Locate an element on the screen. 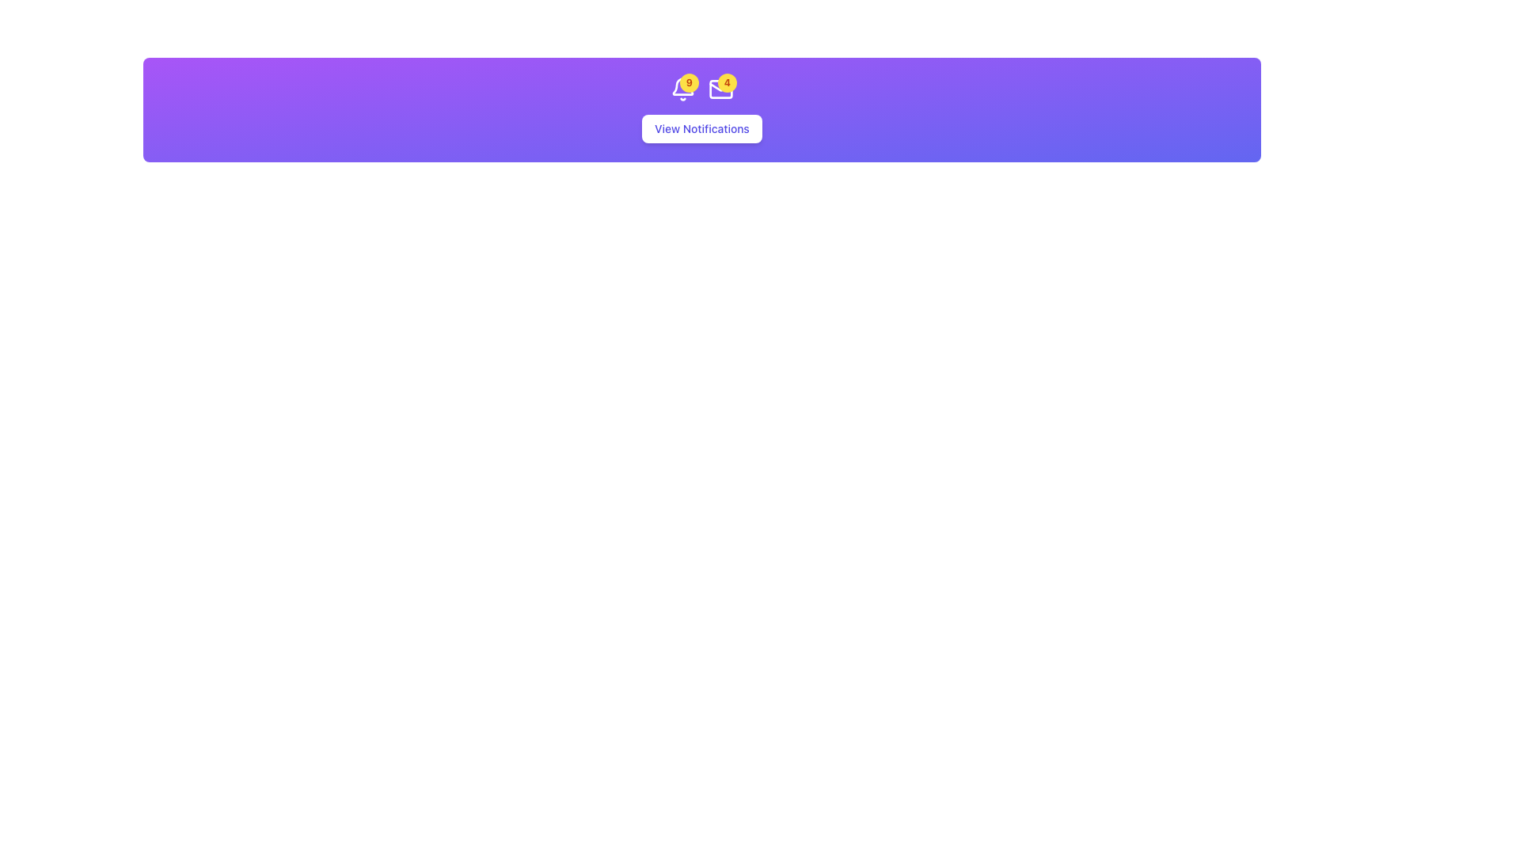 This screenshot has height=855, width=1520. the Notification icon with badge displaying the number '9', which is a bell shape within a yellow rounded rectangle, located at the top center of the view is located at coordinates (683, 89).